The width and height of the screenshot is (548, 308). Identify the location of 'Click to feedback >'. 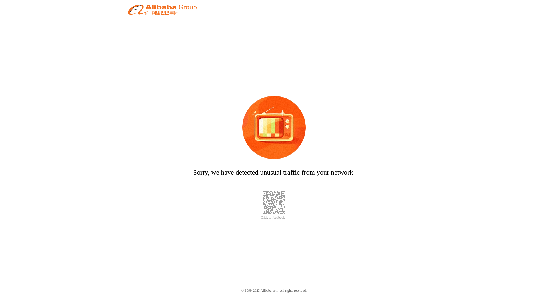
(260, 218).